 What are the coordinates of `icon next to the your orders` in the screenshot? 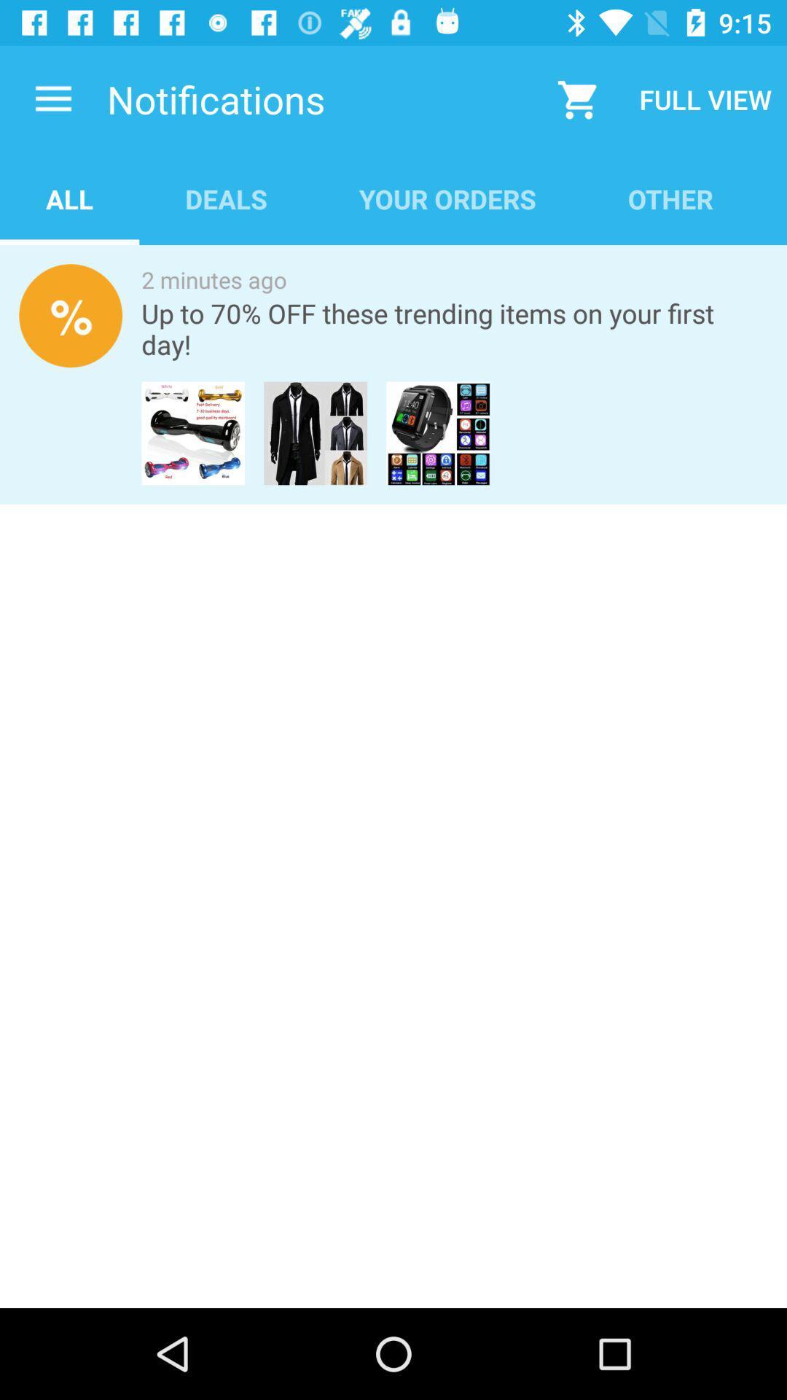 It's located at (226, 198).